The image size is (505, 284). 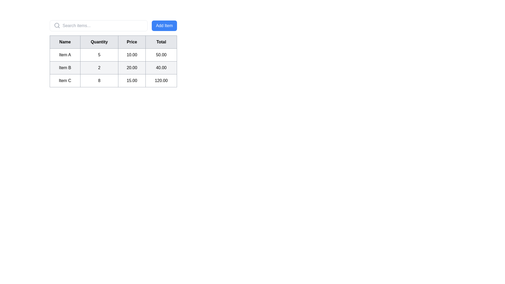 I want to click on the search box input field located next to the blue 'Add Item' button, so click(x=98, y=26).